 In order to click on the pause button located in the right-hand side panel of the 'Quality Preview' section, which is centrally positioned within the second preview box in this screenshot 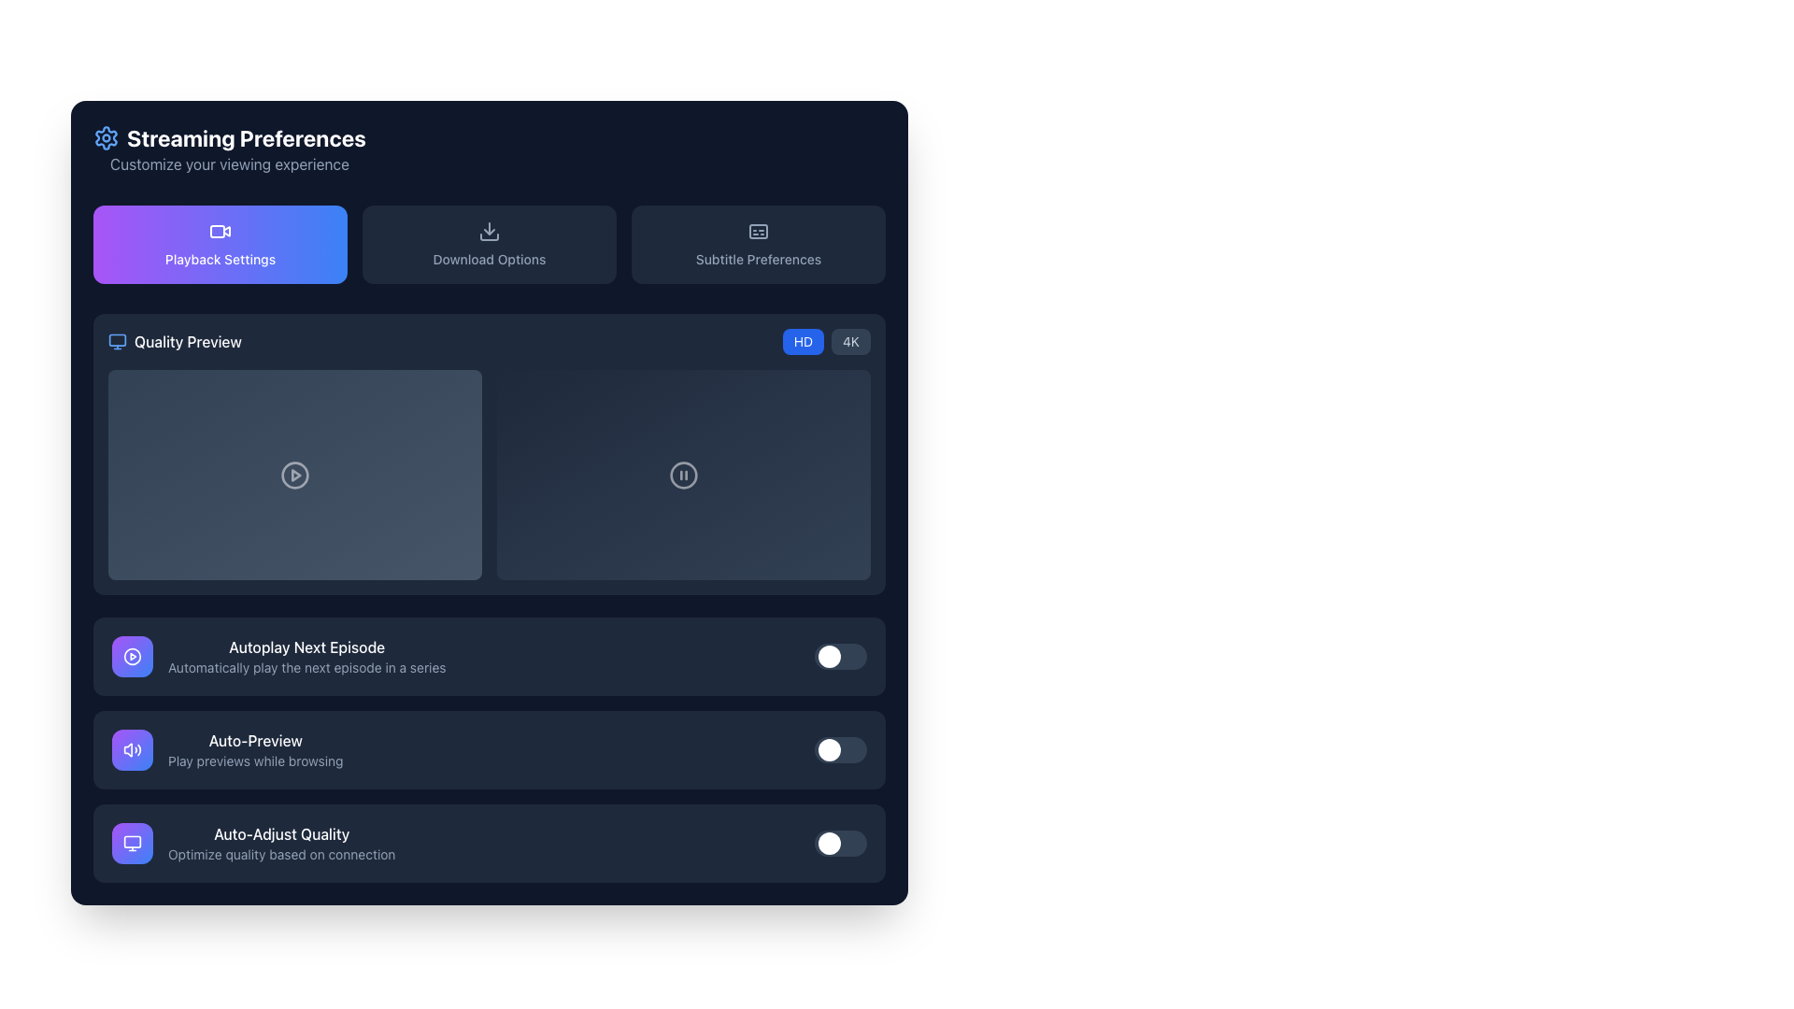, I will do `click(682, 474)`.